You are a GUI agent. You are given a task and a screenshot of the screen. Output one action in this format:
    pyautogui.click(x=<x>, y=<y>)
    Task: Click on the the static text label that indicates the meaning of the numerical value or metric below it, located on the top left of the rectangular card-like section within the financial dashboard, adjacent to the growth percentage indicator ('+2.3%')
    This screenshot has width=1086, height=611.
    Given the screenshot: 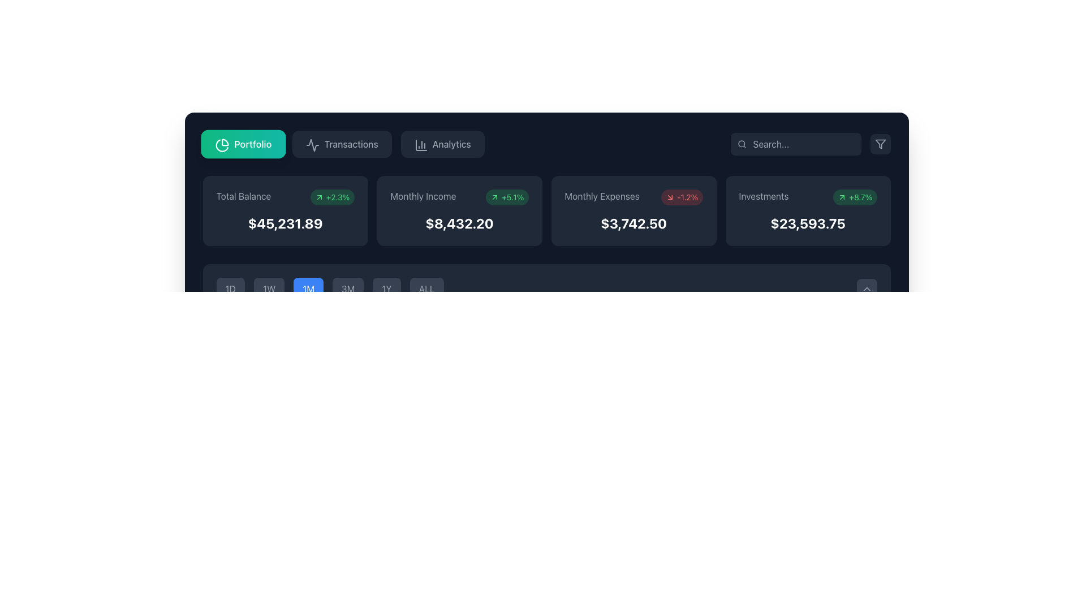 What is the action you would take?
    pyautogui.click(x=243, y=196)
    